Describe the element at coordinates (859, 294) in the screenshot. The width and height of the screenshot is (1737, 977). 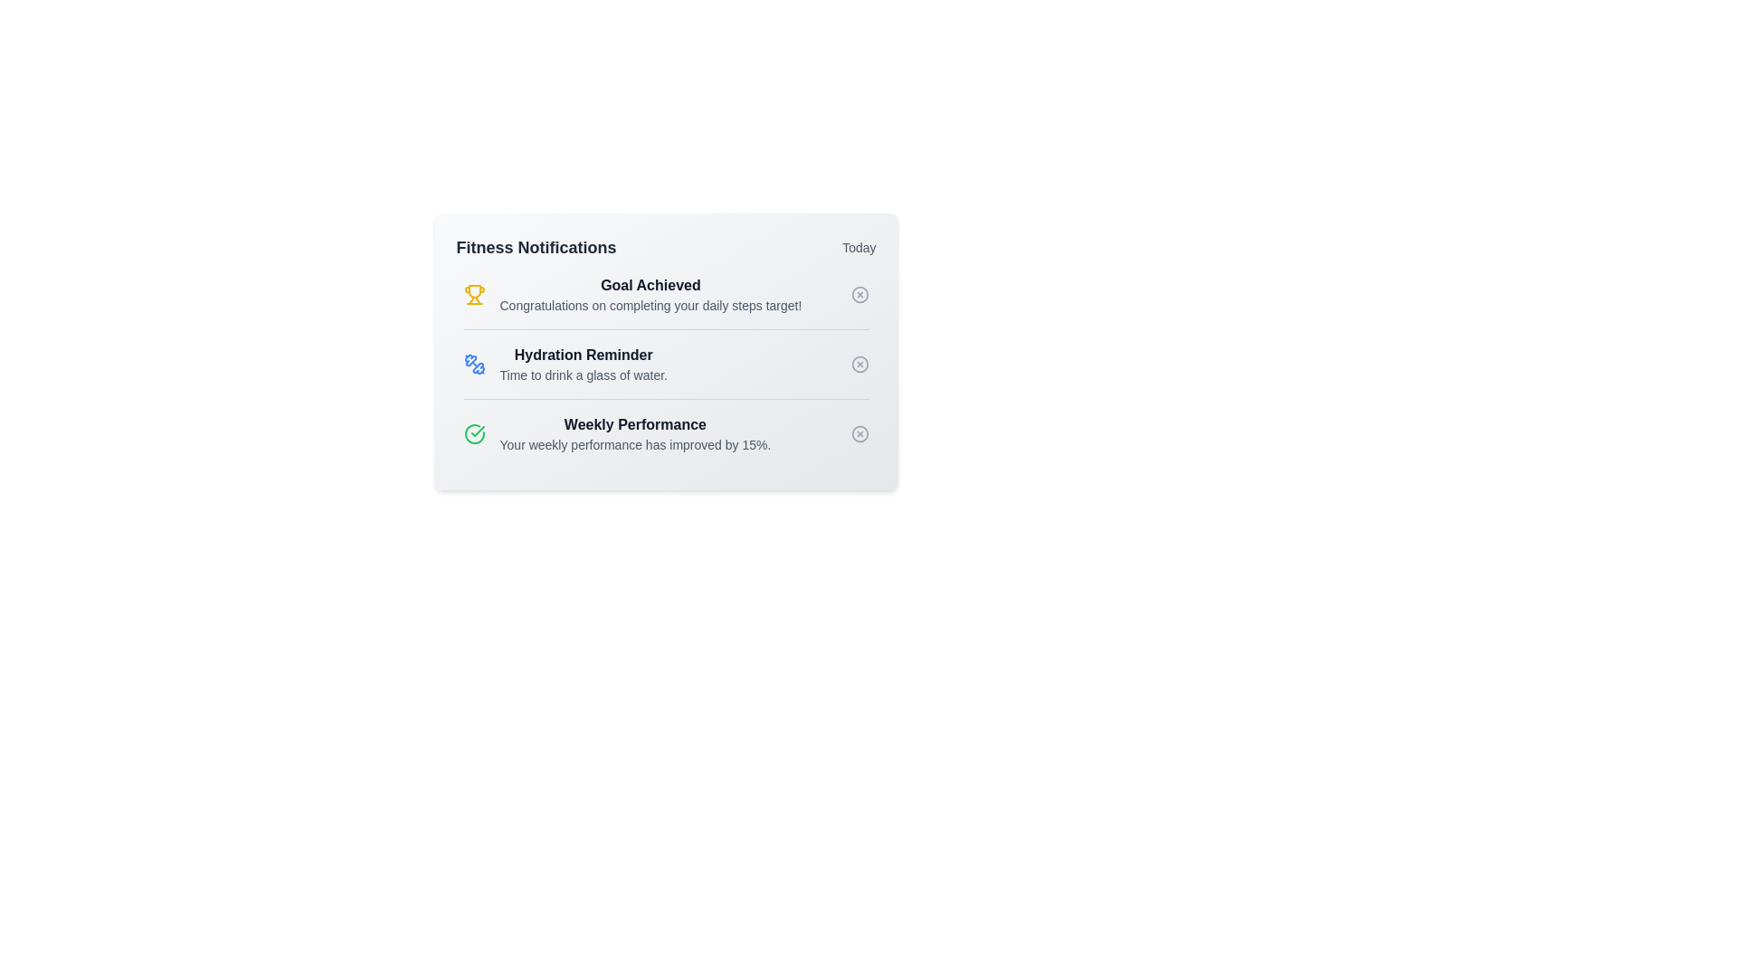
I see `the first circular SVG element located near the top right corner of the first notification item in the list` at that location.